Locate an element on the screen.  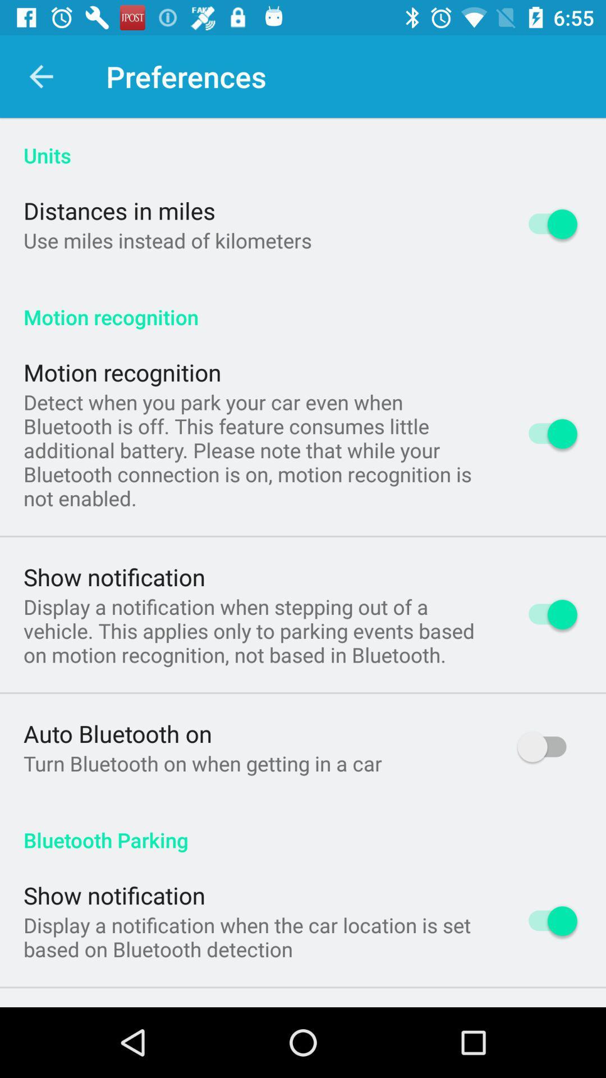
app below units app is located at coordinates (119, 210).